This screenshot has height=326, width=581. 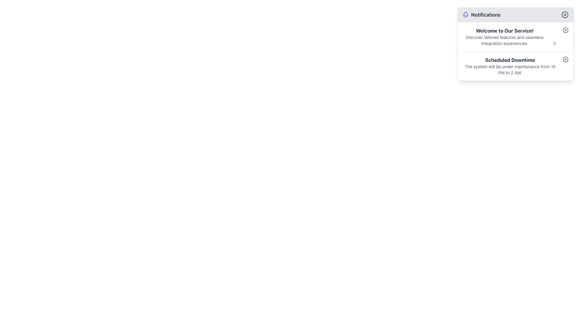 I want to click on heading text located at the top of the notification panel, which informs users about the purpose or context of the notification, so click(x=505, y=30).